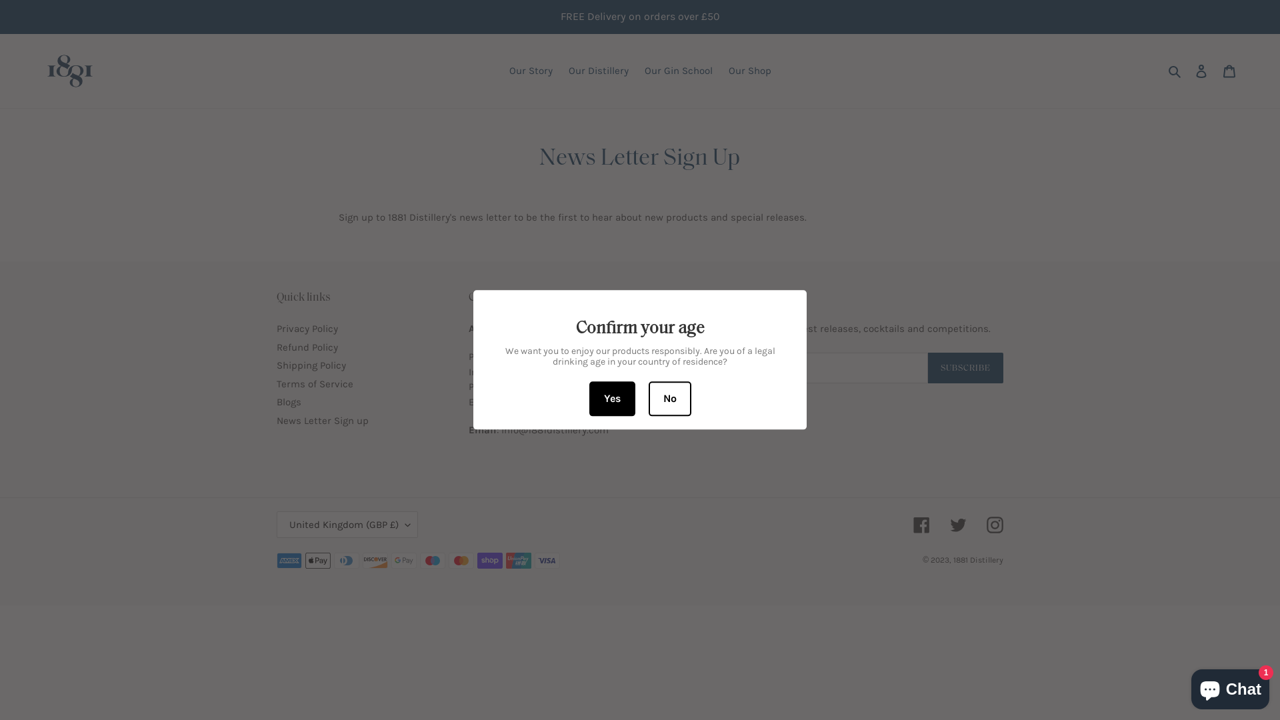 The height and width of the screenshot is (720, 1280). What do you see at coordinates (1201, 71) in the screenshot?
I see `'Log in'` at bounding box center [1201, 71].